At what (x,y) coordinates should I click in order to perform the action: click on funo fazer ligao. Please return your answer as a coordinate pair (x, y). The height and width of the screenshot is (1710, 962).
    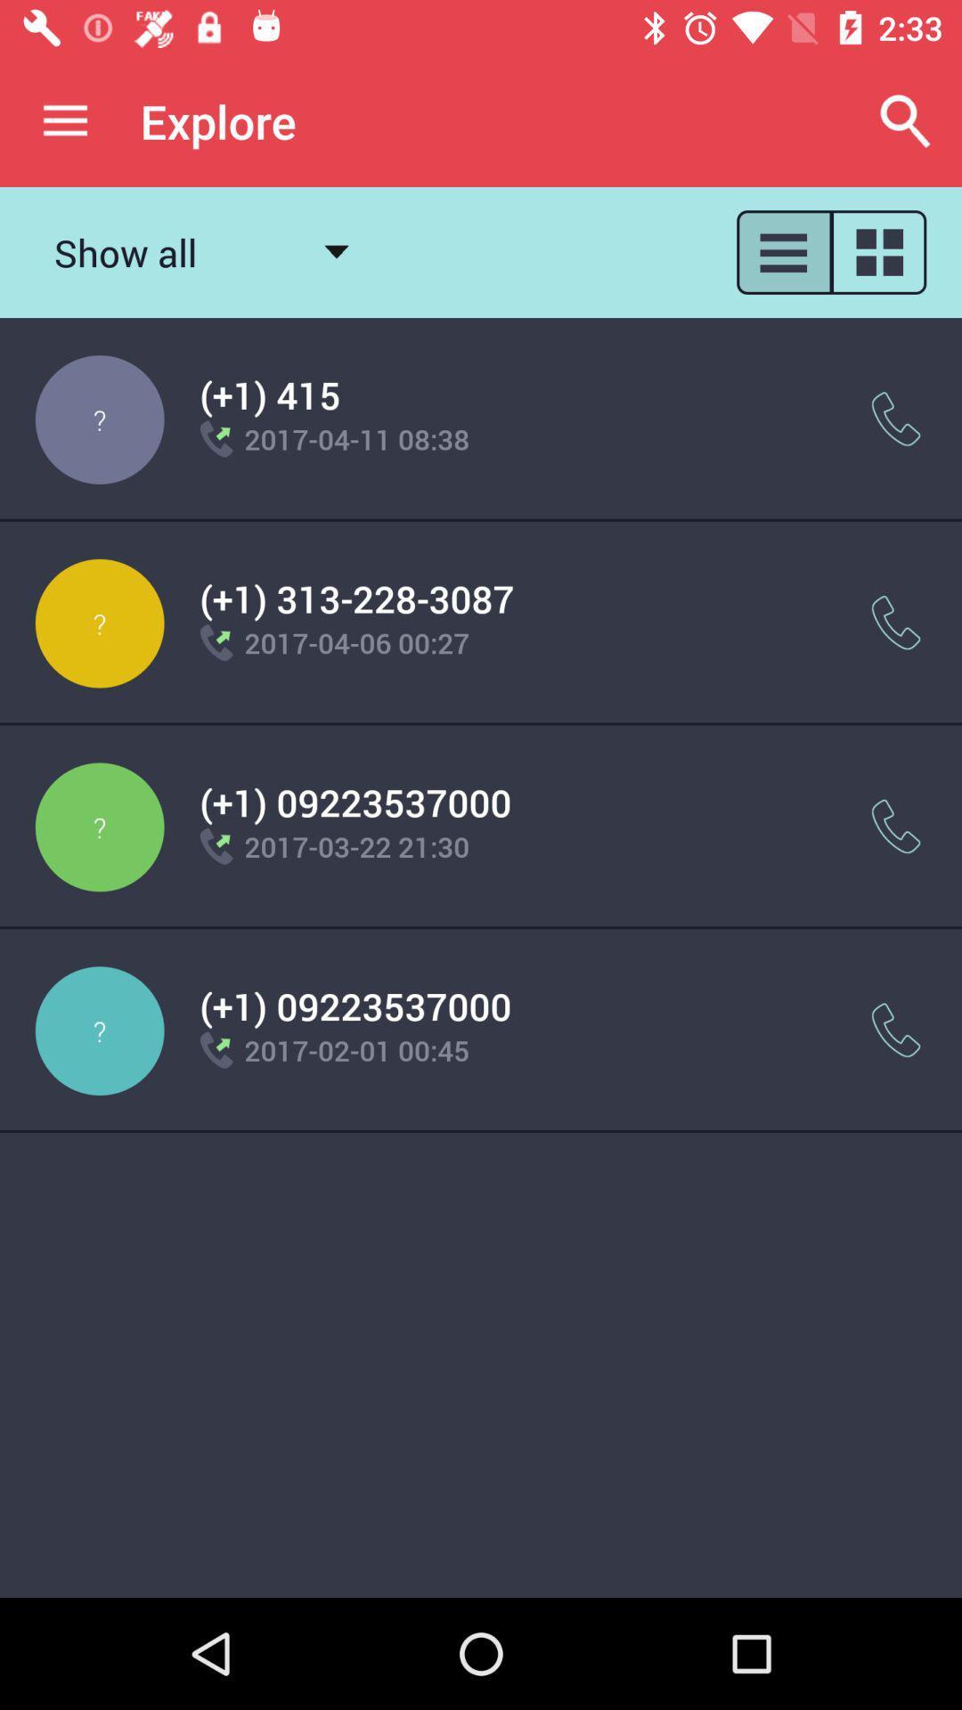
    Looking at the image, I should click on (896, 1030).